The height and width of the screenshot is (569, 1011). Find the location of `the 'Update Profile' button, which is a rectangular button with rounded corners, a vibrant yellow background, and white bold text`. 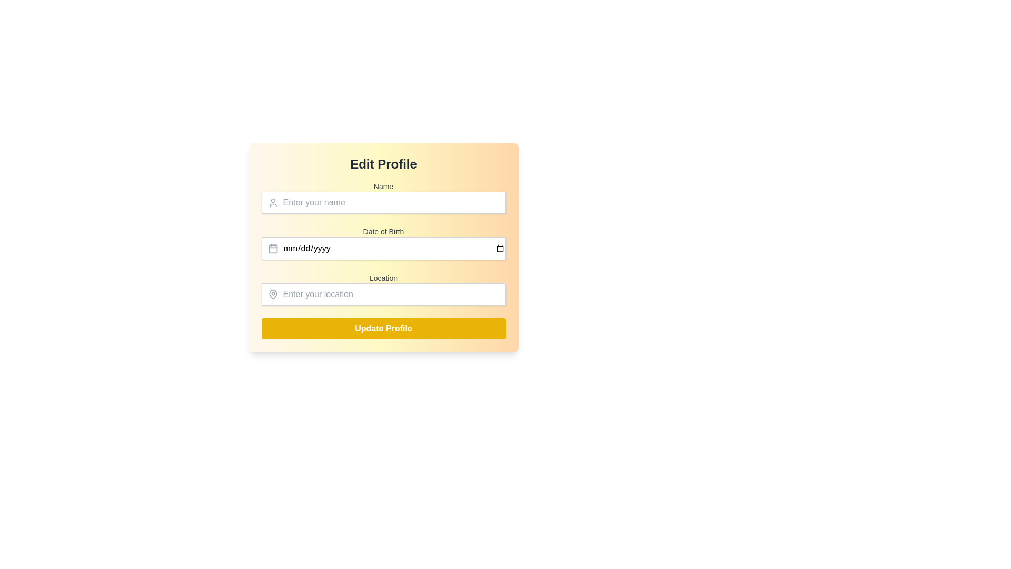

the 'Update Profile' button, which is a rectangular button with rounded corners, a vibrant yellow background, and white bold text is located at coordinates (383, 328).